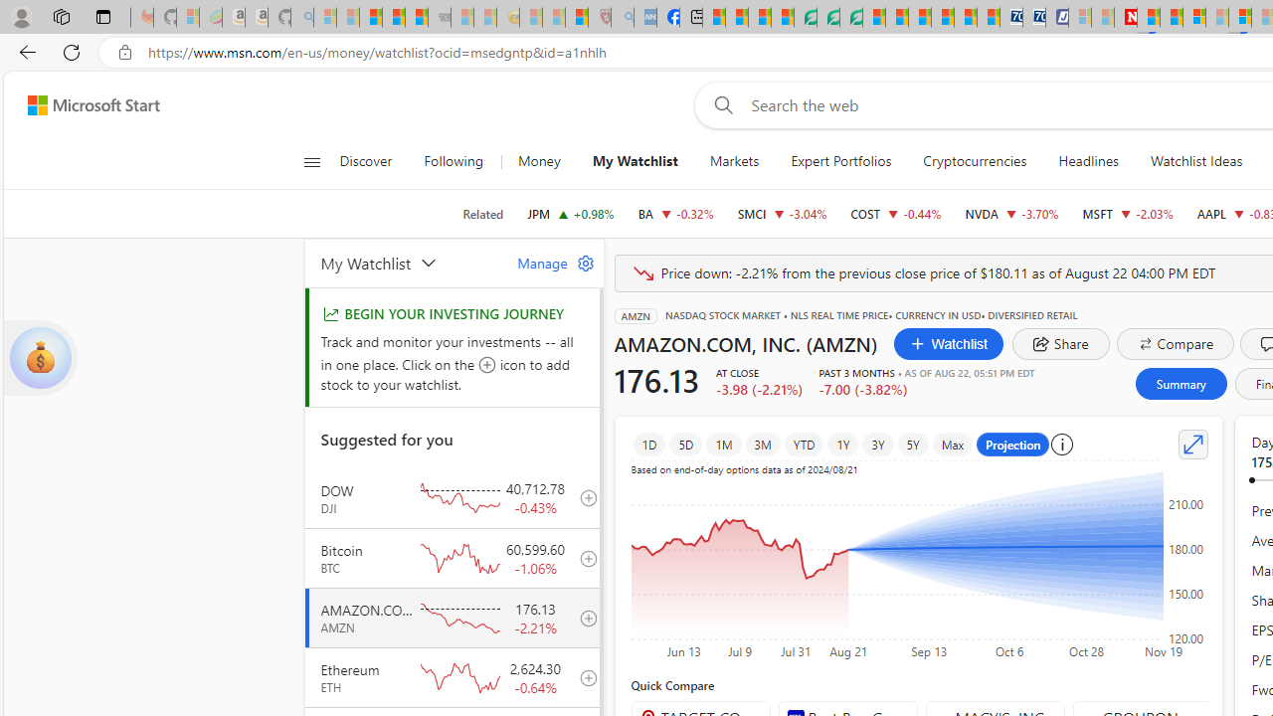  What do you see at coordinates (723, 444) in the screenshot?
I see `'1M'` at bounding box center [723, 444].